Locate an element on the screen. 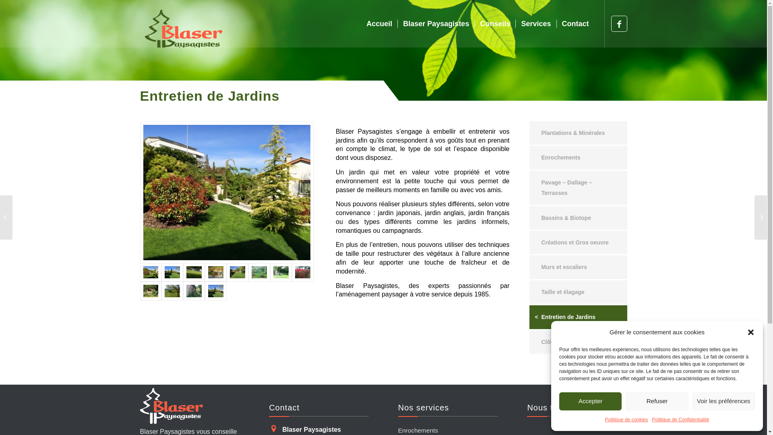 This screenshot has width=773, height=435. 'Refuser' is located at coordinates (657, 401).